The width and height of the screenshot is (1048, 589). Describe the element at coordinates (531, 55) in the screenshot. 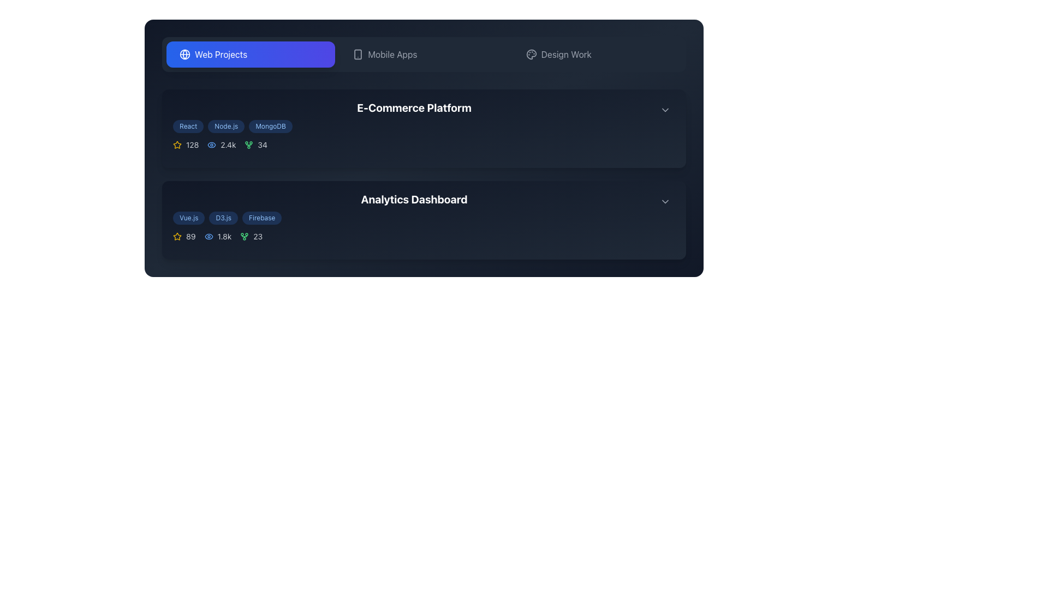

I see `the design-related icon in the top-right corner of the interface` at that location.